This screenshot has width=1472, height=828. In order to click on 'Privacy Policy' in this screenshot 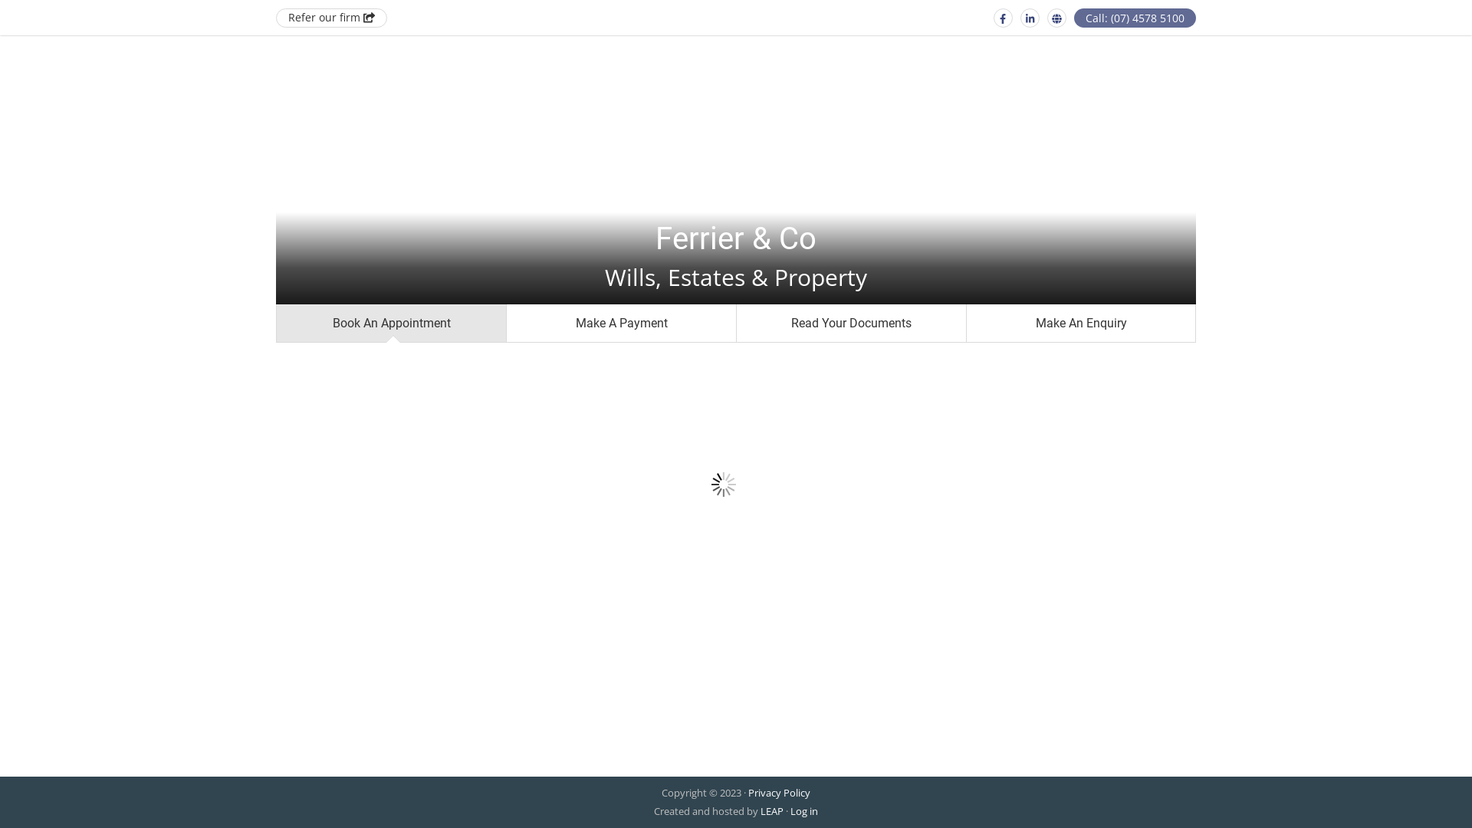, I will do `click(779, 792)`.